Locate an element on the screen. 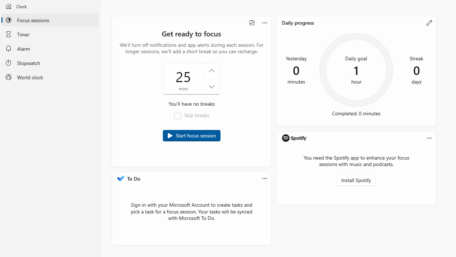 Image resolution: width=456 pixels, height=257 pixels. 'Increase the focus session time' is located at coordinates (211, 71).